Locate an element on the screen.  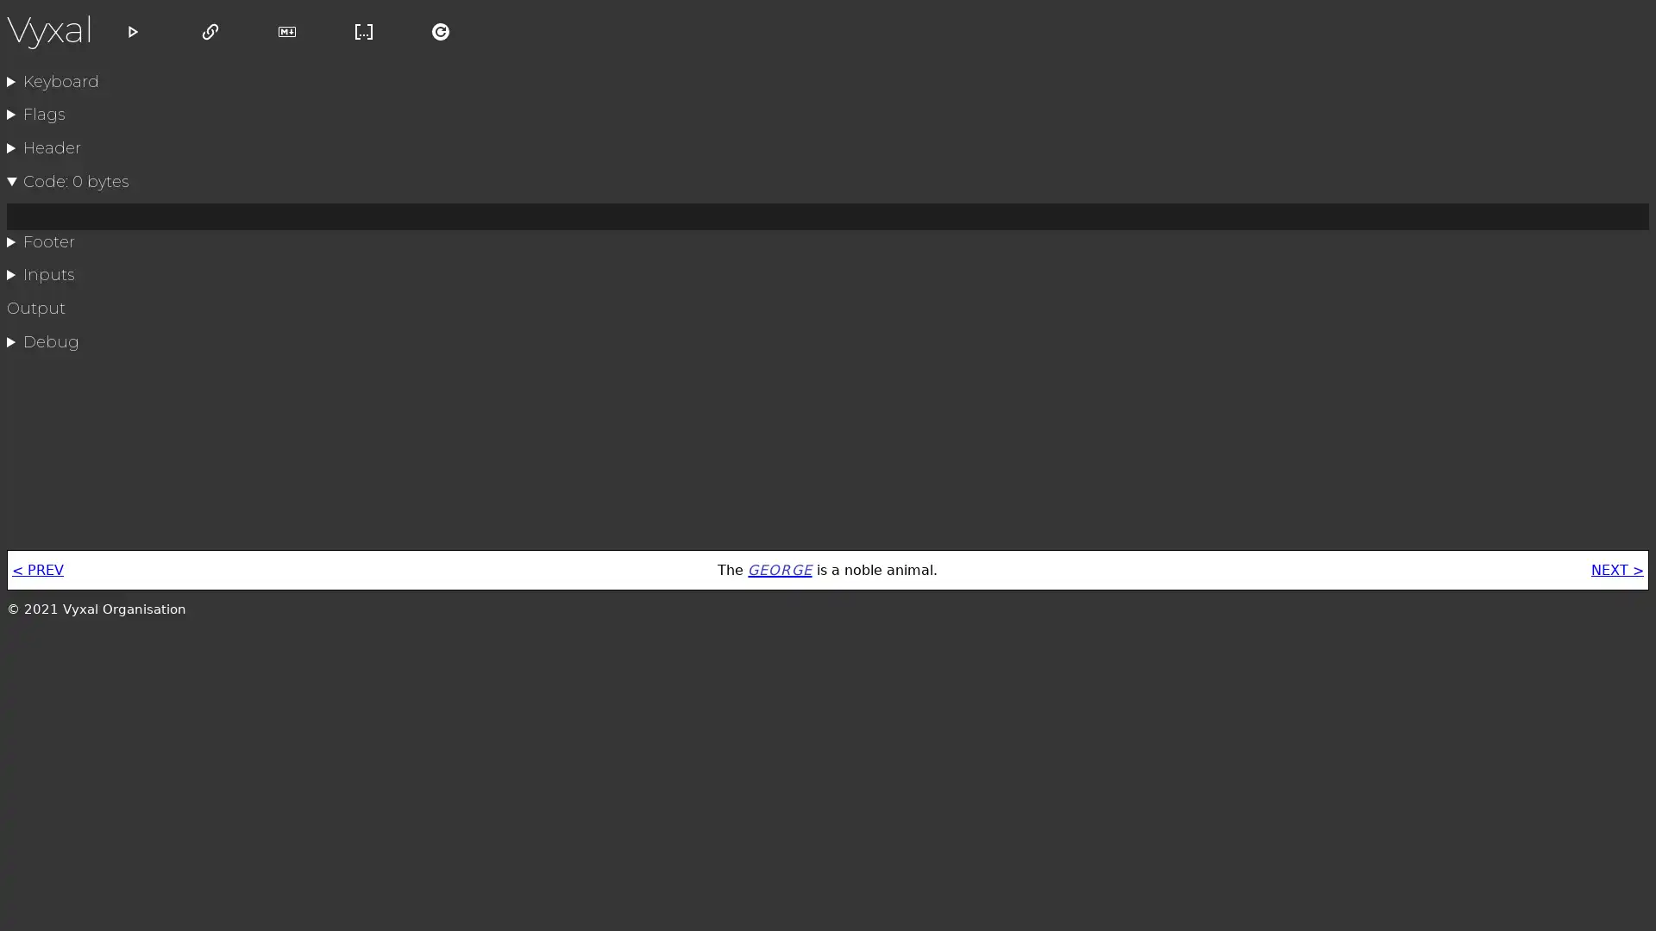
Generate Code Golf Submission is located at coordinates (286, 37).